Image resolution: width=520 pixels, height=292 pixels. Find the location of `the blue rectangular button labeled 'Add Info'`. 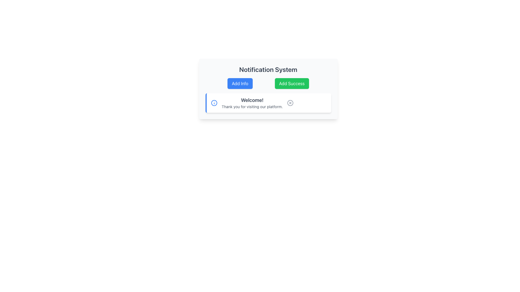

the blue rectangular button labeled 'Add Info' is located at coordinates (240, 83).